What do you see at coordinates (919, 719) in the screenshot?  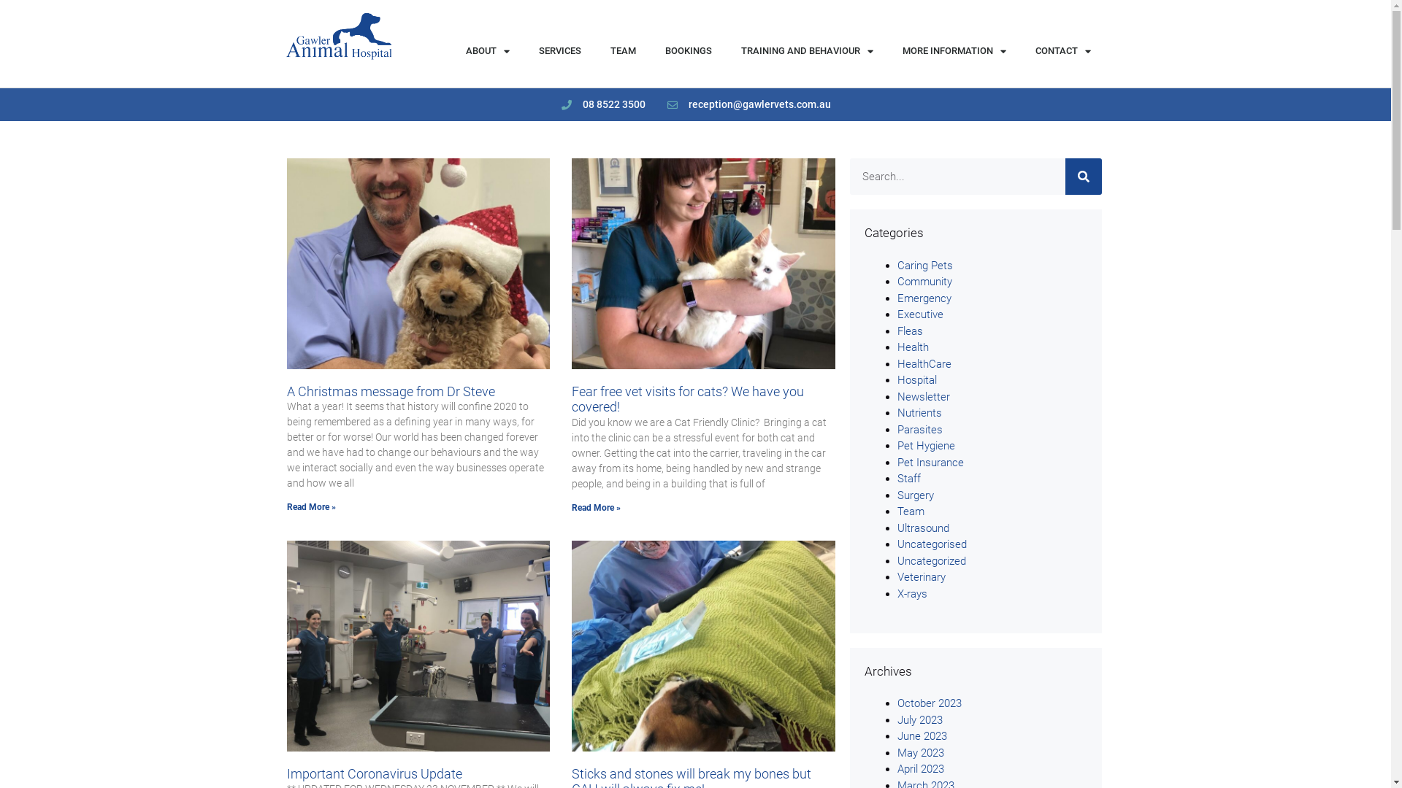 I see `'July 2023'` at bounding box center [919, 719].